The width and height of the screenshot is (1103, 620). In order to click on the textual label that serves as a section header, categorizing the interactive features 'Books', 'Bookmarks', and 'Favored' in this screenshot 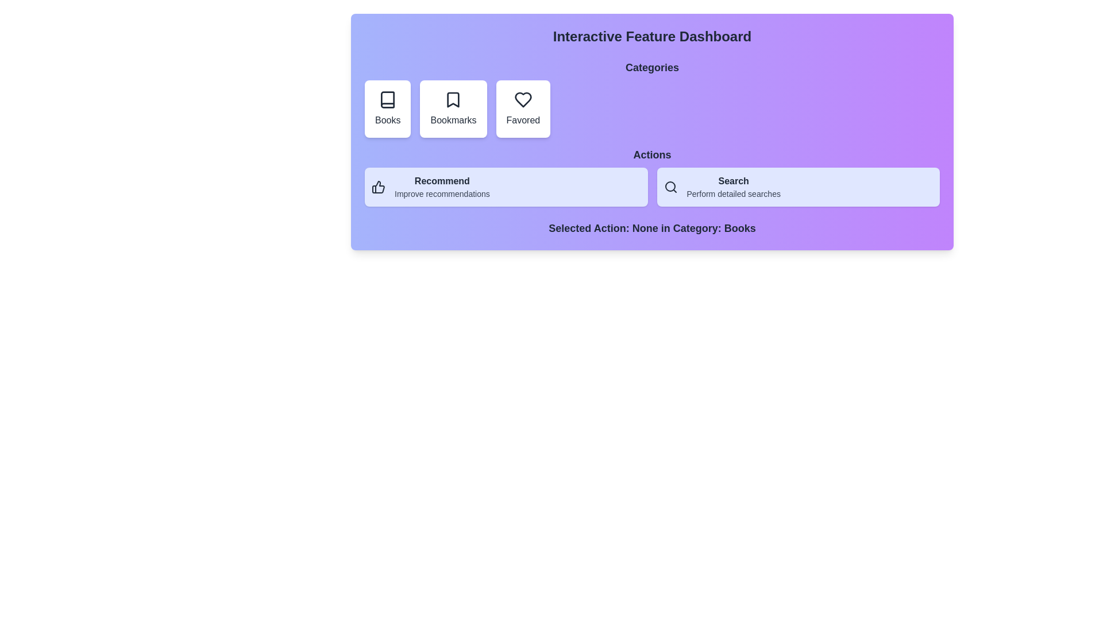, I will do `click(652, 68)`.